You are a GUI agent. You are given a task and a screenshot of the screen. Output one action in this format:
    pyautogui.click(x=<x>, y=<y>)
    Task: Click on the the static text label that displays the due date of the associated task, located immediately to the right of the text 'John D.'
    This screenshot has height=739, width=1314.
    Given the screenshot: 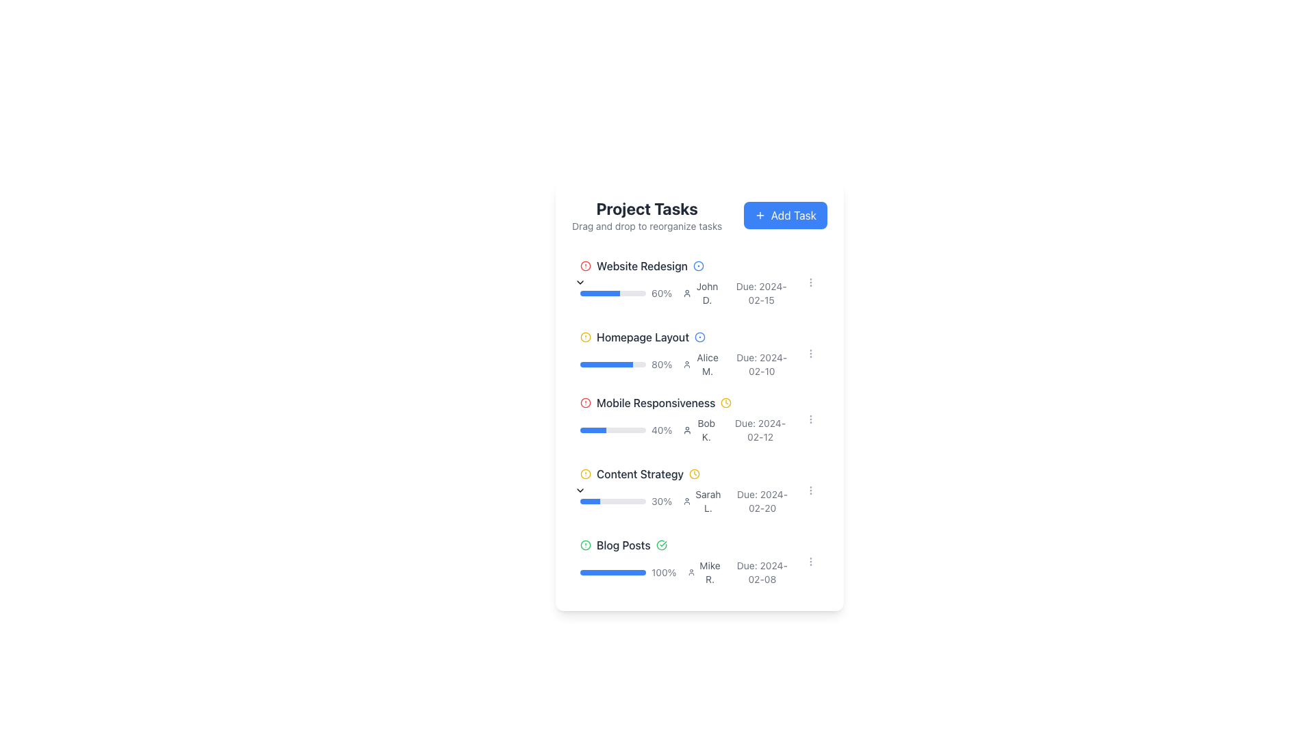 What is the action you would take?
    pyautogui.click(x=760, y=292)
    